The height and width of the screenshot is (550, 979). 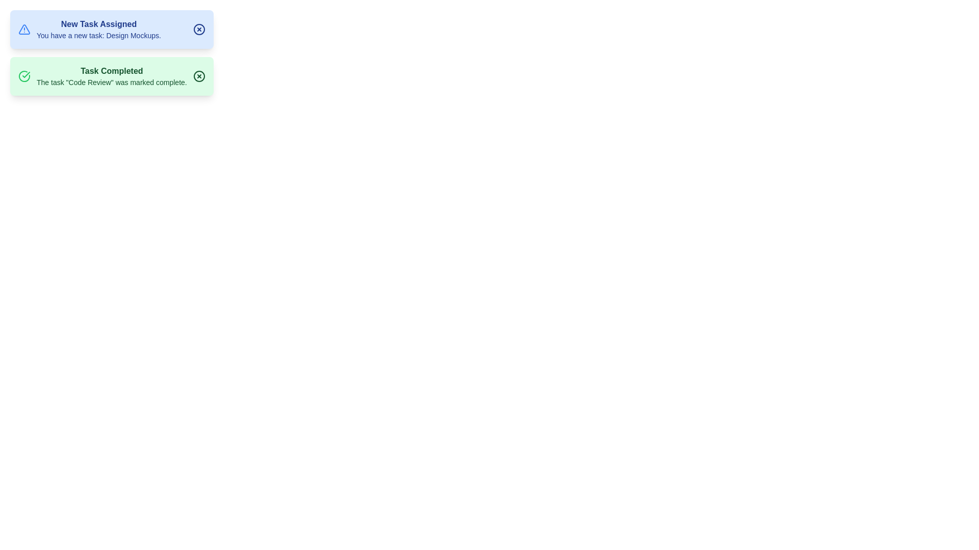 I want to click on close button for the notification titled 'New Task Assigned', so click(x=199, y=29).